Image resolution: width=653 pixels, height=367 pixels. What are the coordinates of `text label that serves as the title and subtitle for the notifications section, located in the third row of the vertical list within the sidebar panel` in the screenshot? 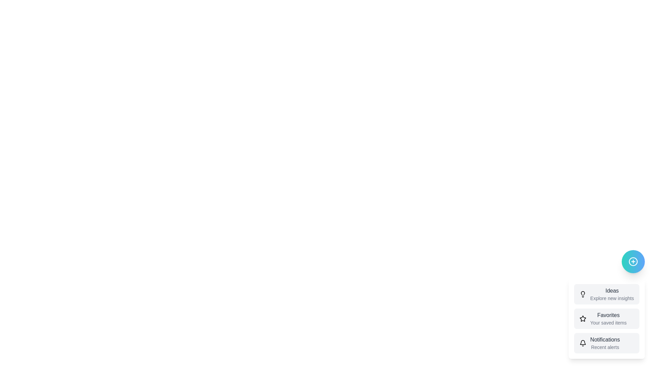 It's located at (605, 343).